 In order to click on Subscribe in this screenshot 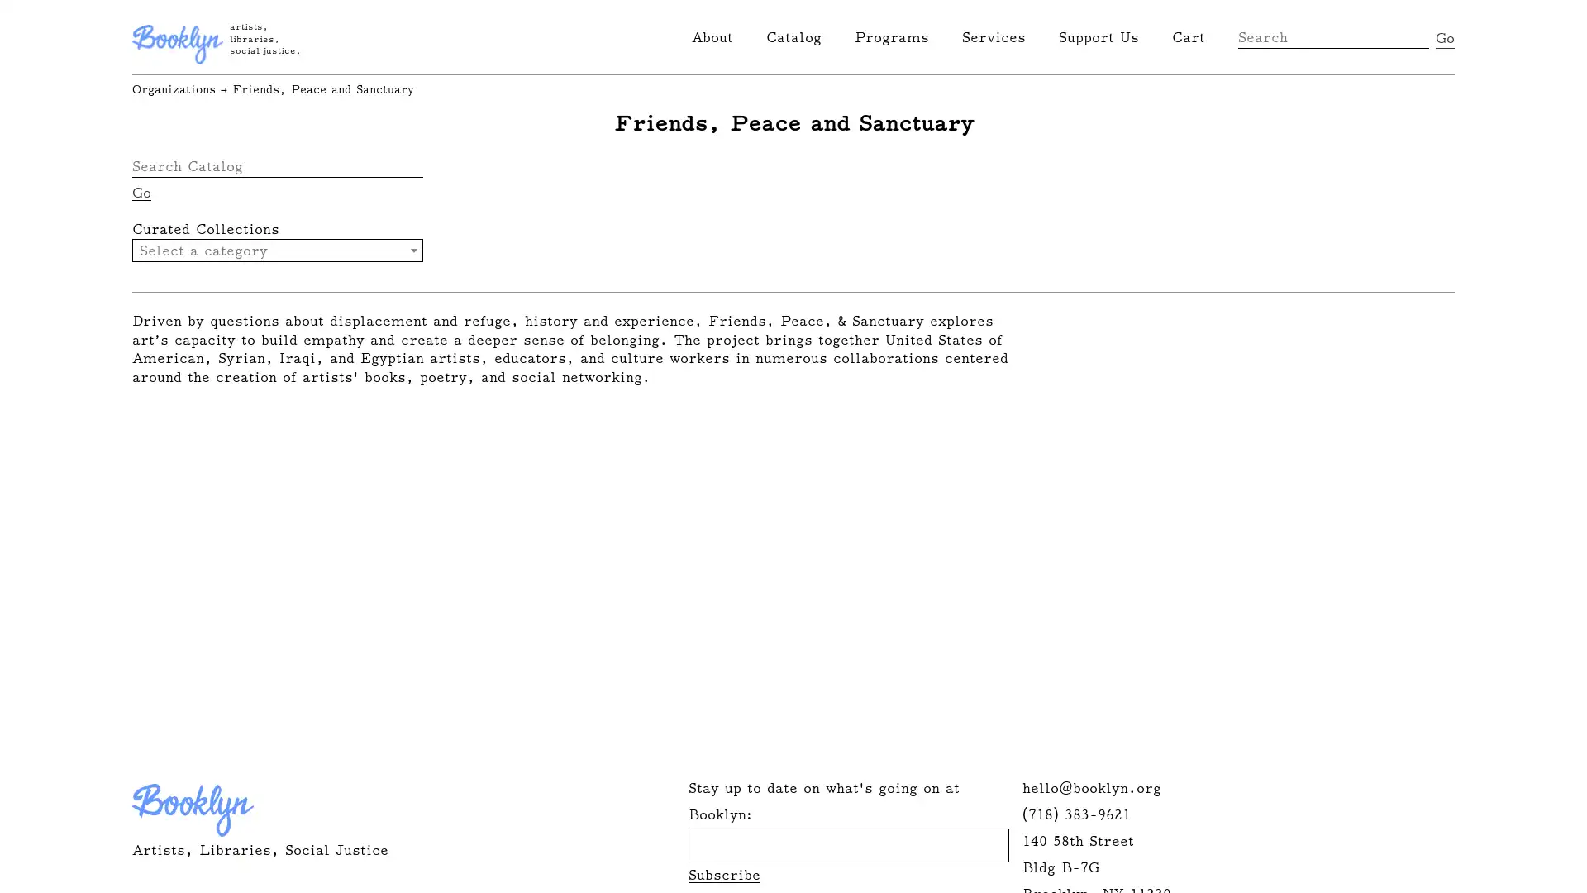, I will do `click(724, 874)`.